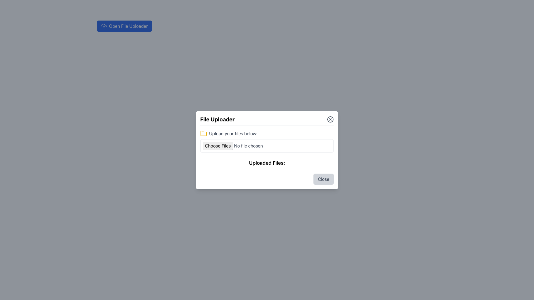 The height and width of the screenshot is (300, 534). I want to click on the circular close button with an 'X' symbol located in the top-right corner of the 'File Uploader' modal, so click(330, 119).